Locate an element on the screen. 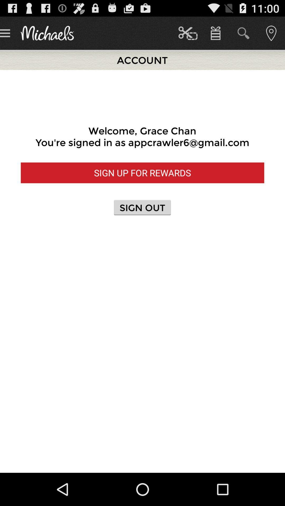  sign out icon is located at coordinates (142, 207).